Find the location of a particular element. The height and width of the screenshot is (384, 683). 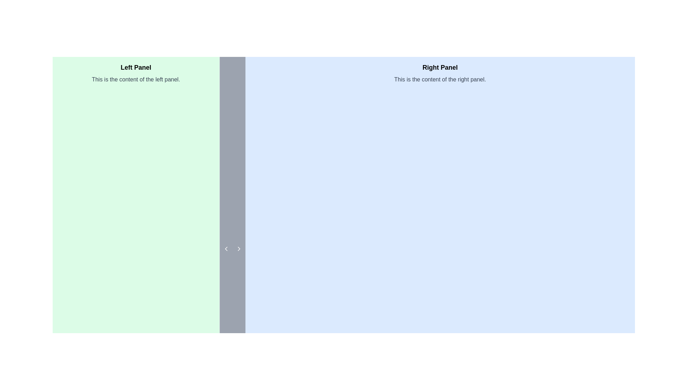

the text block displaying 'This is the content of the left panel.' which is styled with a gray font on a light green background, located beneath the 'Left Panel' header is located at coordinates (136, 79).